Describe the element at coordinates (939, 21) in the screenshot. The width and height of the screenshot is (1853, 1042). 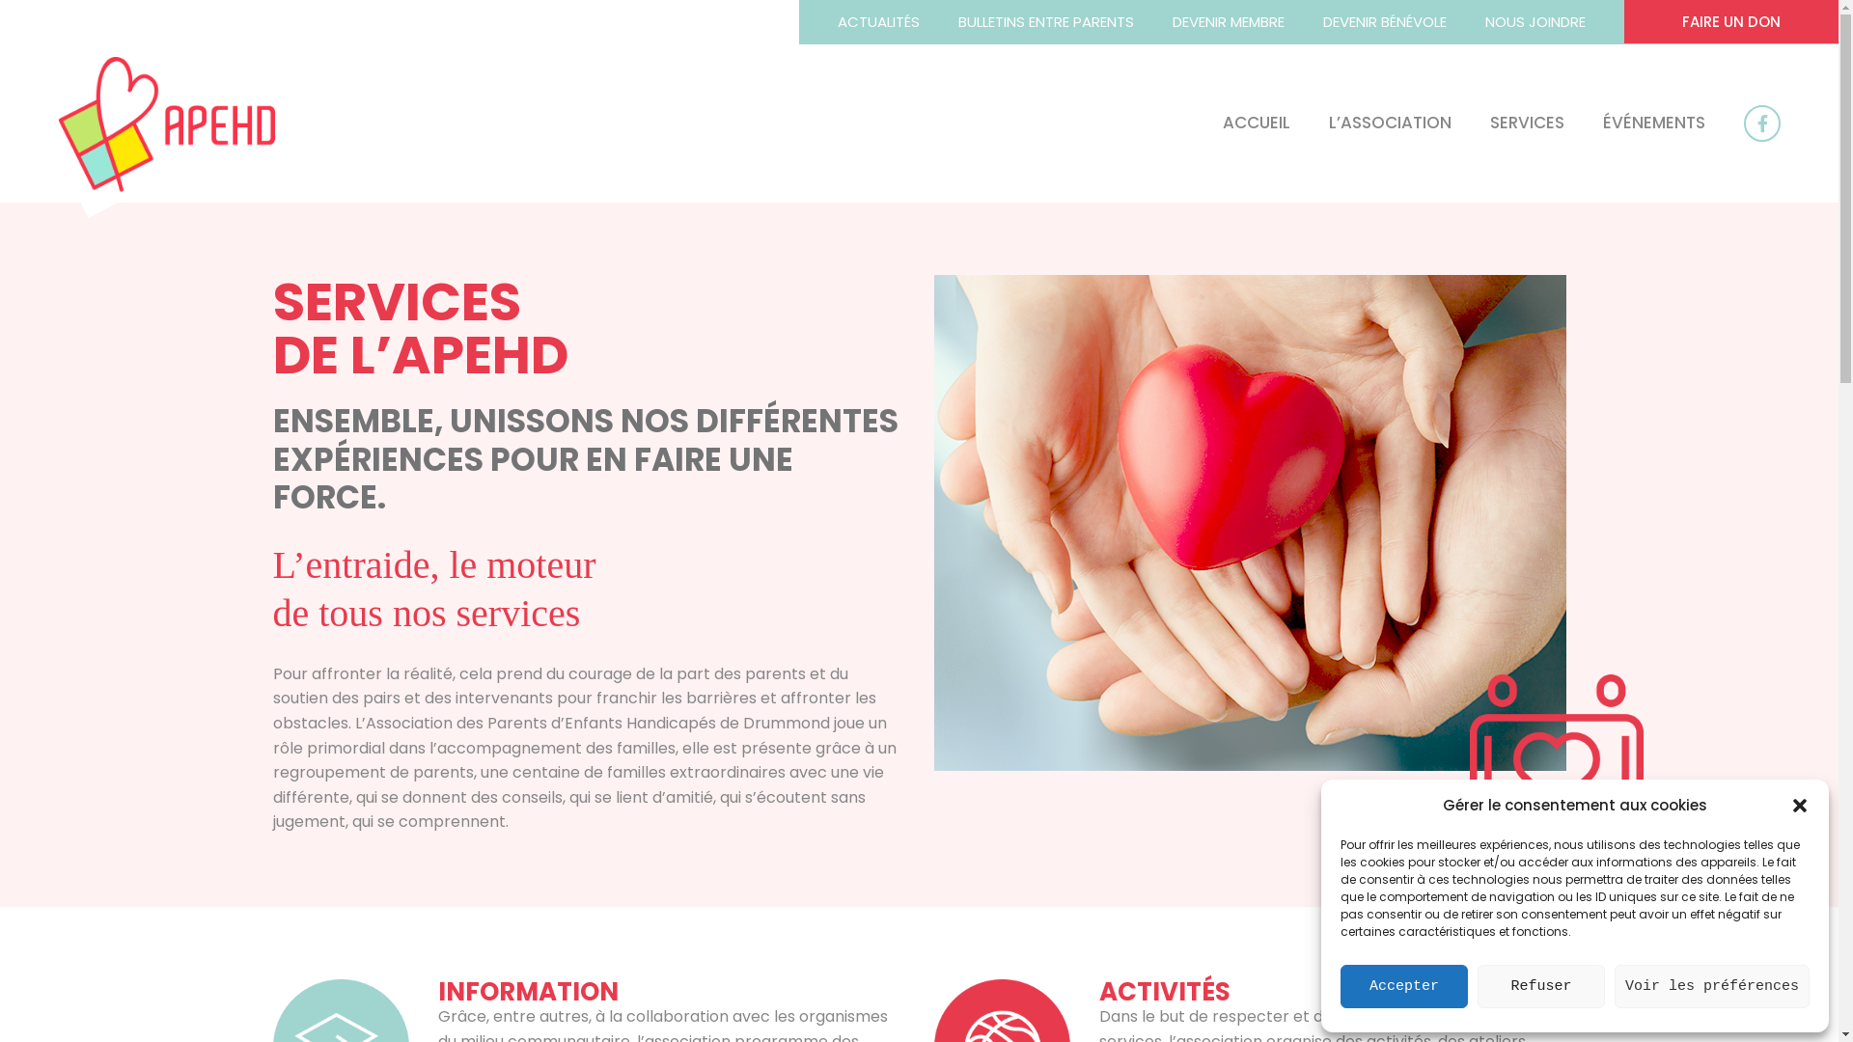
I see `'BULLETINS ENTRE PARENTS'` at that location.